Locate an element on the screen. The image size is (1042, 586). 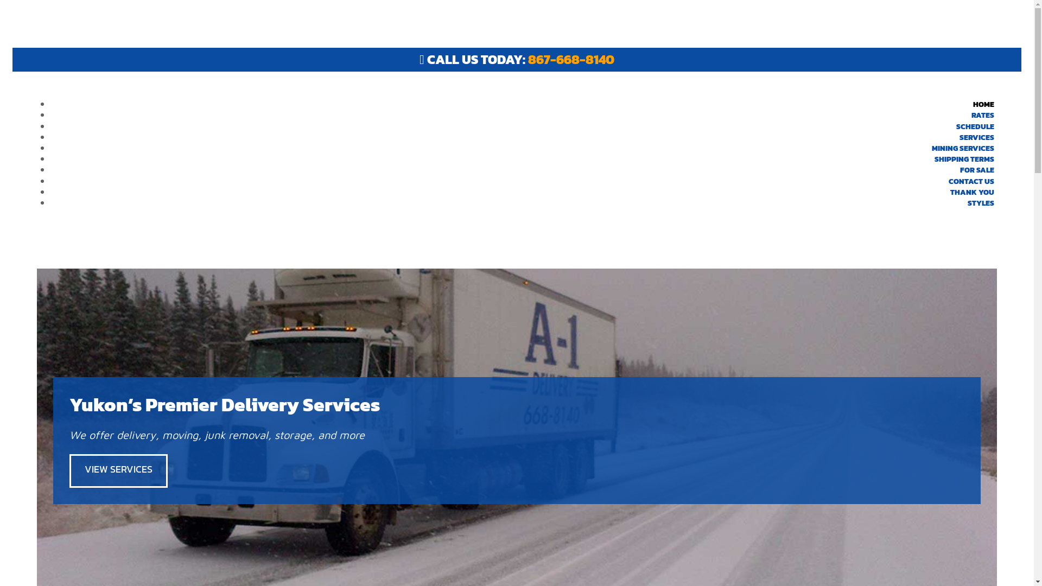
'SERVICES' is located at coordinates (977, 137).